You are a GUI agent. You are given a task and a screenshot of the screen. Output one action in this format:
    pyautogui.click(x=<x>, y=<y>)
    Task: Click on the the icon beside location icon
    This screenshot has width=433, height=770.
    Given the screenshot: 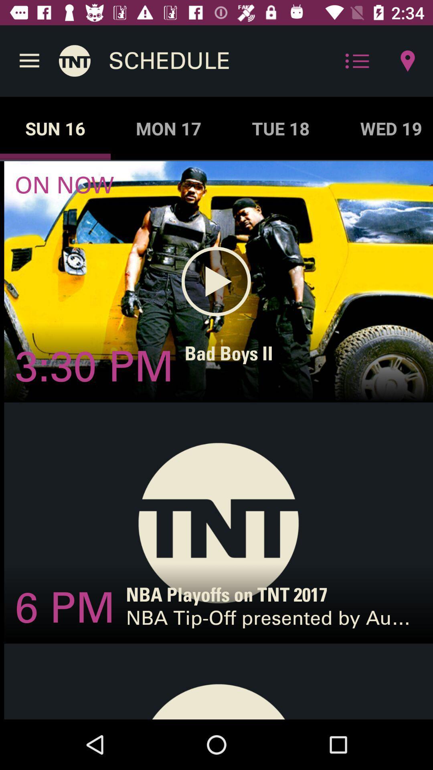 What is the action you would take?
    pyautogui.click(x=357, y=61)
    